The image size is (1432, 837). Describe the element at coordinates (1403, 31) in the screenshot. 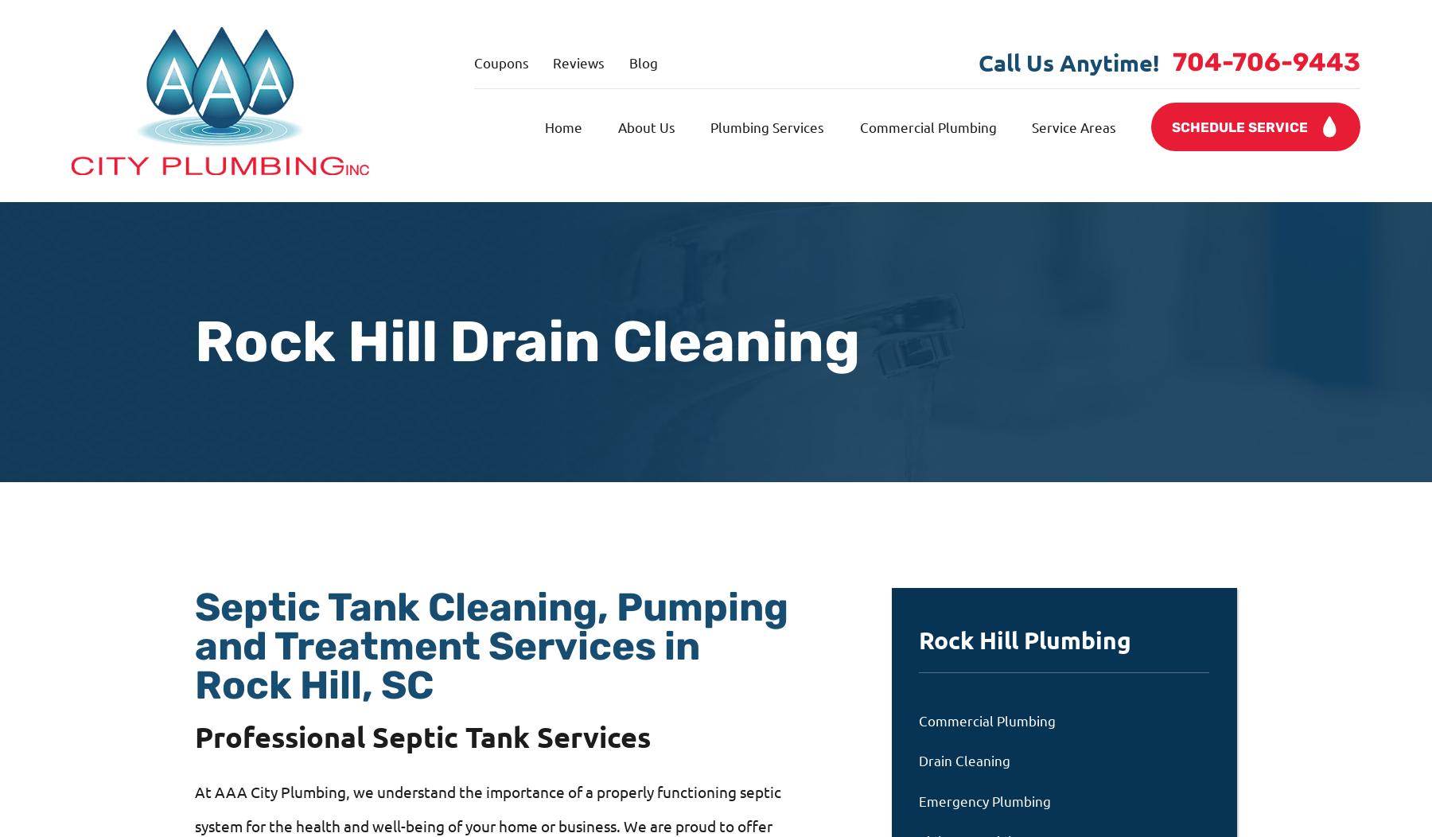

I see `'Top'` at that location.